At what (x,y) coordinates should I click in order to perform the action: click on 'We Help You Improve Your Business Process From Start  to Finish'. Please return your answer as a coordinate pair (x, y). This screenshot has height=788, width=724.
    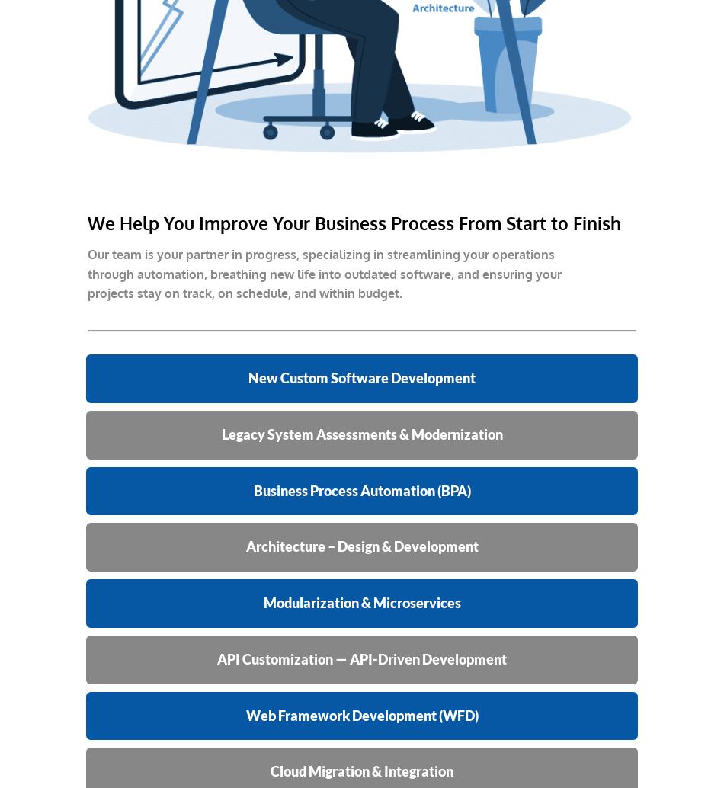
    Looking at the image, I should click on (354, 222).